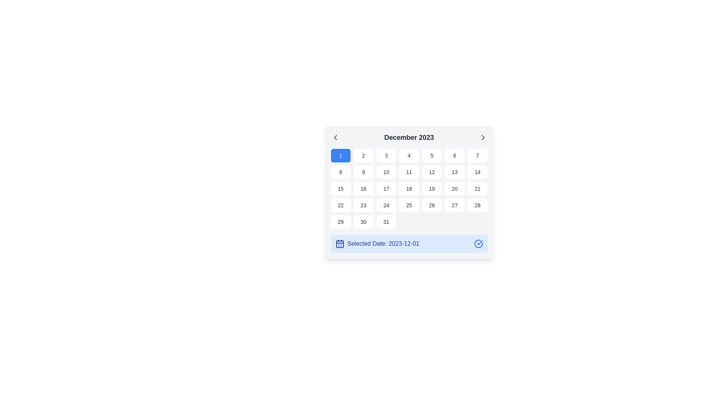 This screenshot has width=723, height=407. Describe the element at coordinates (432, 188) in the screenshot. I see `the rounded rectangular button with a white background and gray text showing the number '19'` at that location.